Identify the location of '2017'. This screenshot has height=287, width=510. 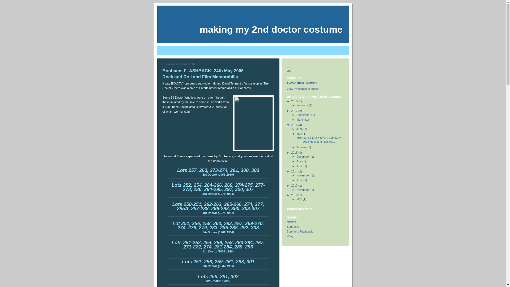
(294, 110).